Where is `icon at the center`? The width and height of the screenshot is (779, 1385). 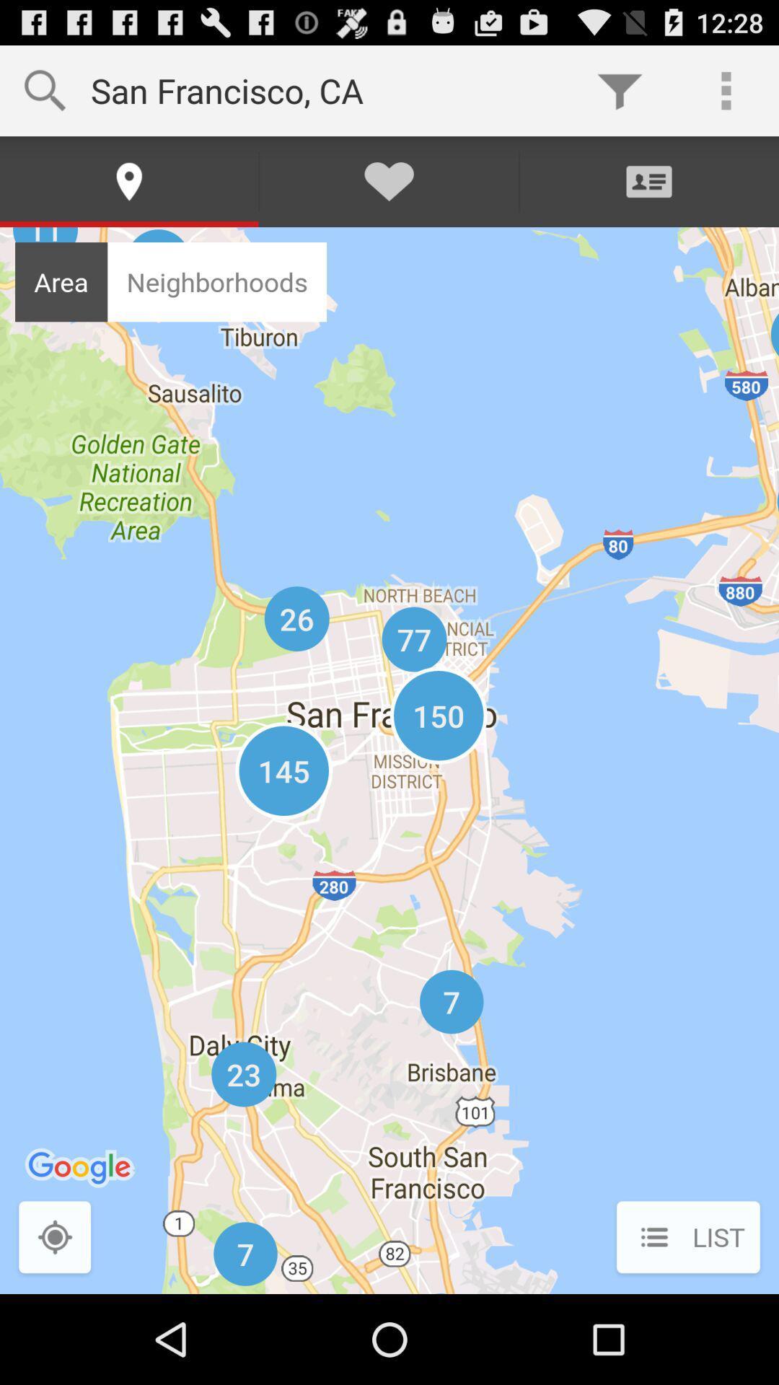 icon at the center is located at coordinates (389, 760).